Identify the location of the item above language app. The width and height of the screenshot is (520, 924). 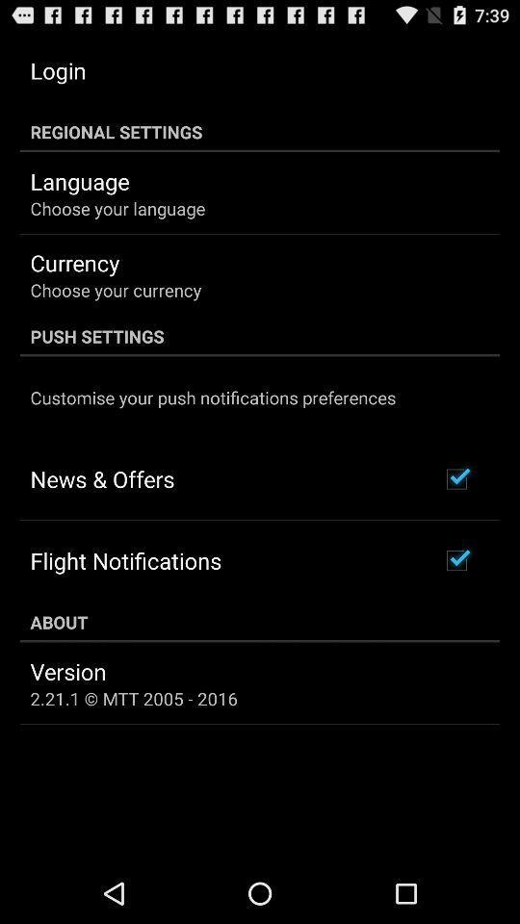
(260, 131).